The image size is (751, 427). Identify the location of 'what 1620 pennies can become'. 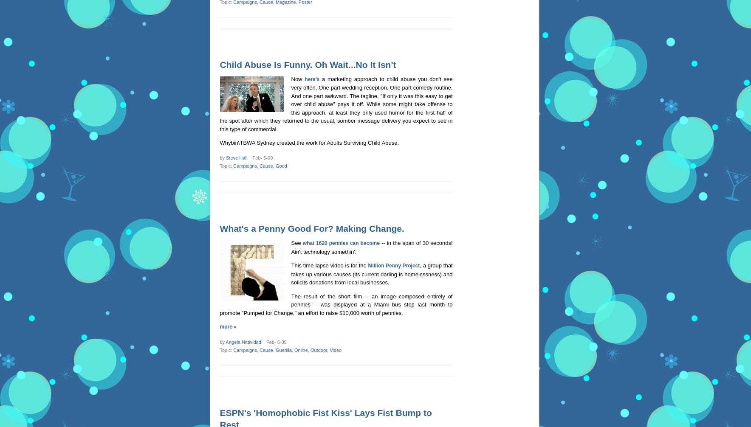
(341, 243).